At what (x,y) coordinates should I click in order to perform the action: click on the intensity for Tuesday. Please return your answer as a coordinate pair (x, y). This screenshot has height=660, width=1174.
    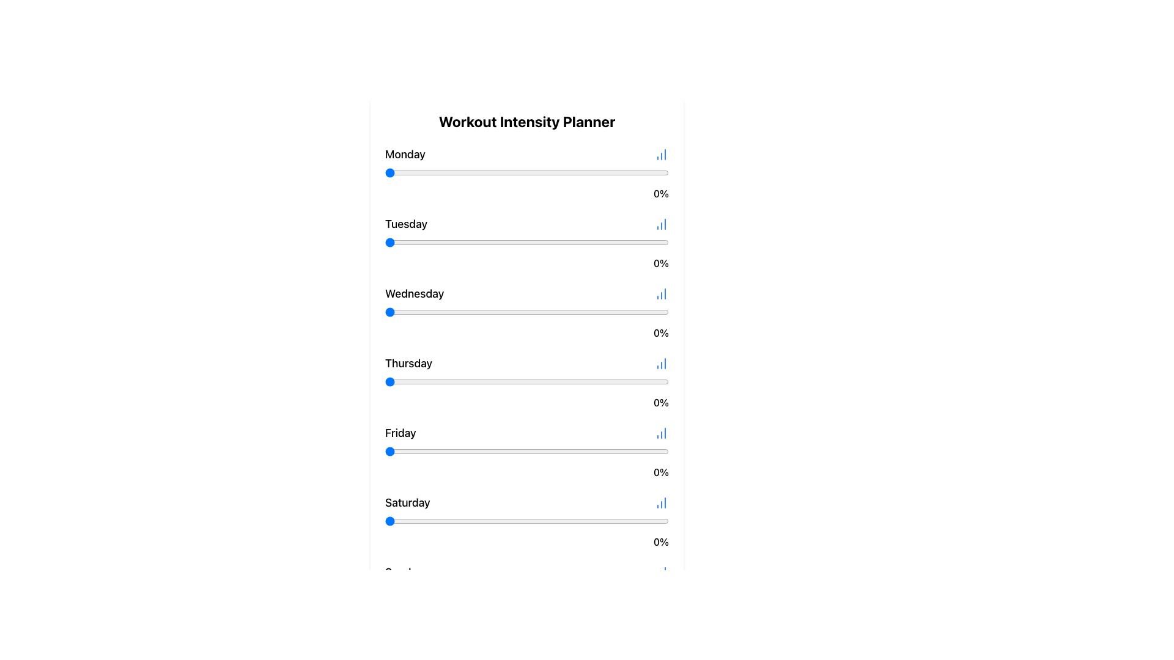
    Looking at the image, I should click on (621, 243).